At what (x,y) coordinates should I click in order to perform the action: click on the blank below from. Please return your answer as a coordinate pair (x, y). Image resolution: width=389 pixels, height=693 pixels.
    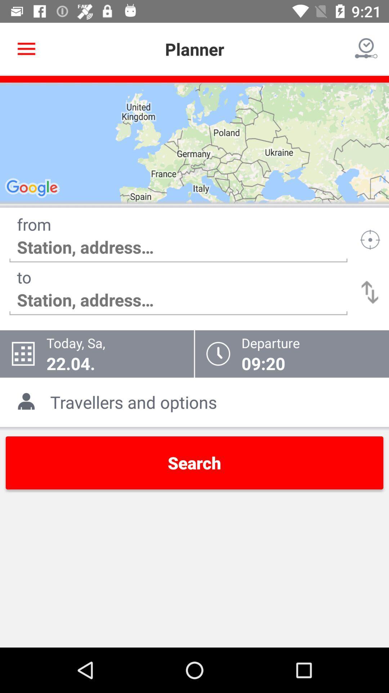
    Looking at the image, I should click on (178, 247).